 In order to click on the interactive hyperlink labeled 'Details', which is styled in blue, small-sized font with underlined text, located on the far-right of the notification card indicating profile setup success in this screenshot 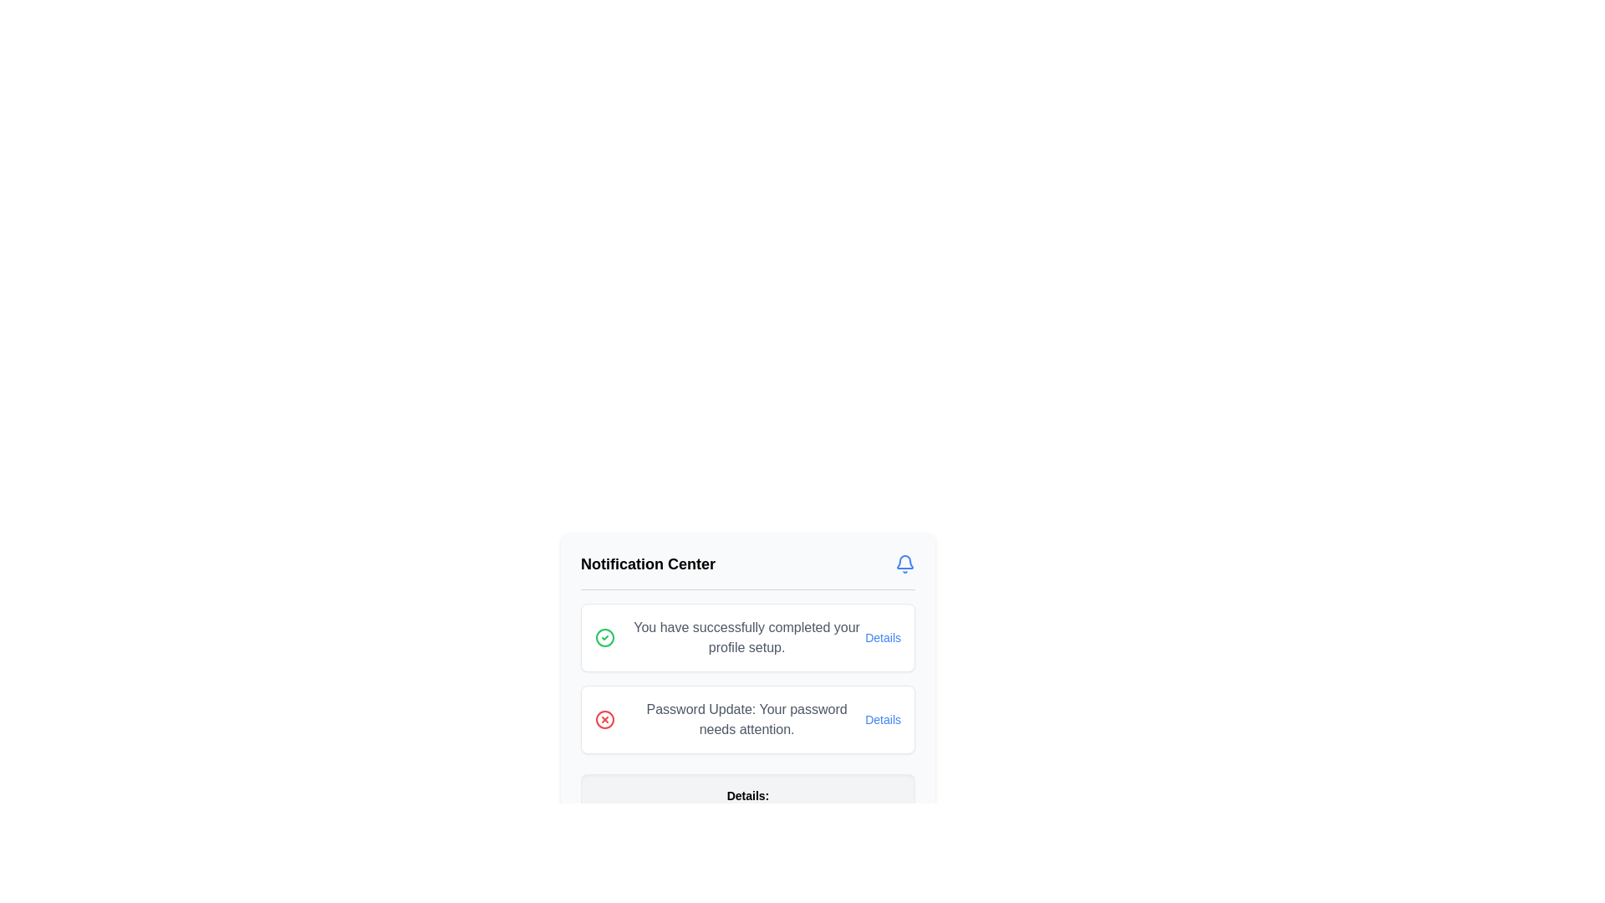, I will do `click(882, 638)`.